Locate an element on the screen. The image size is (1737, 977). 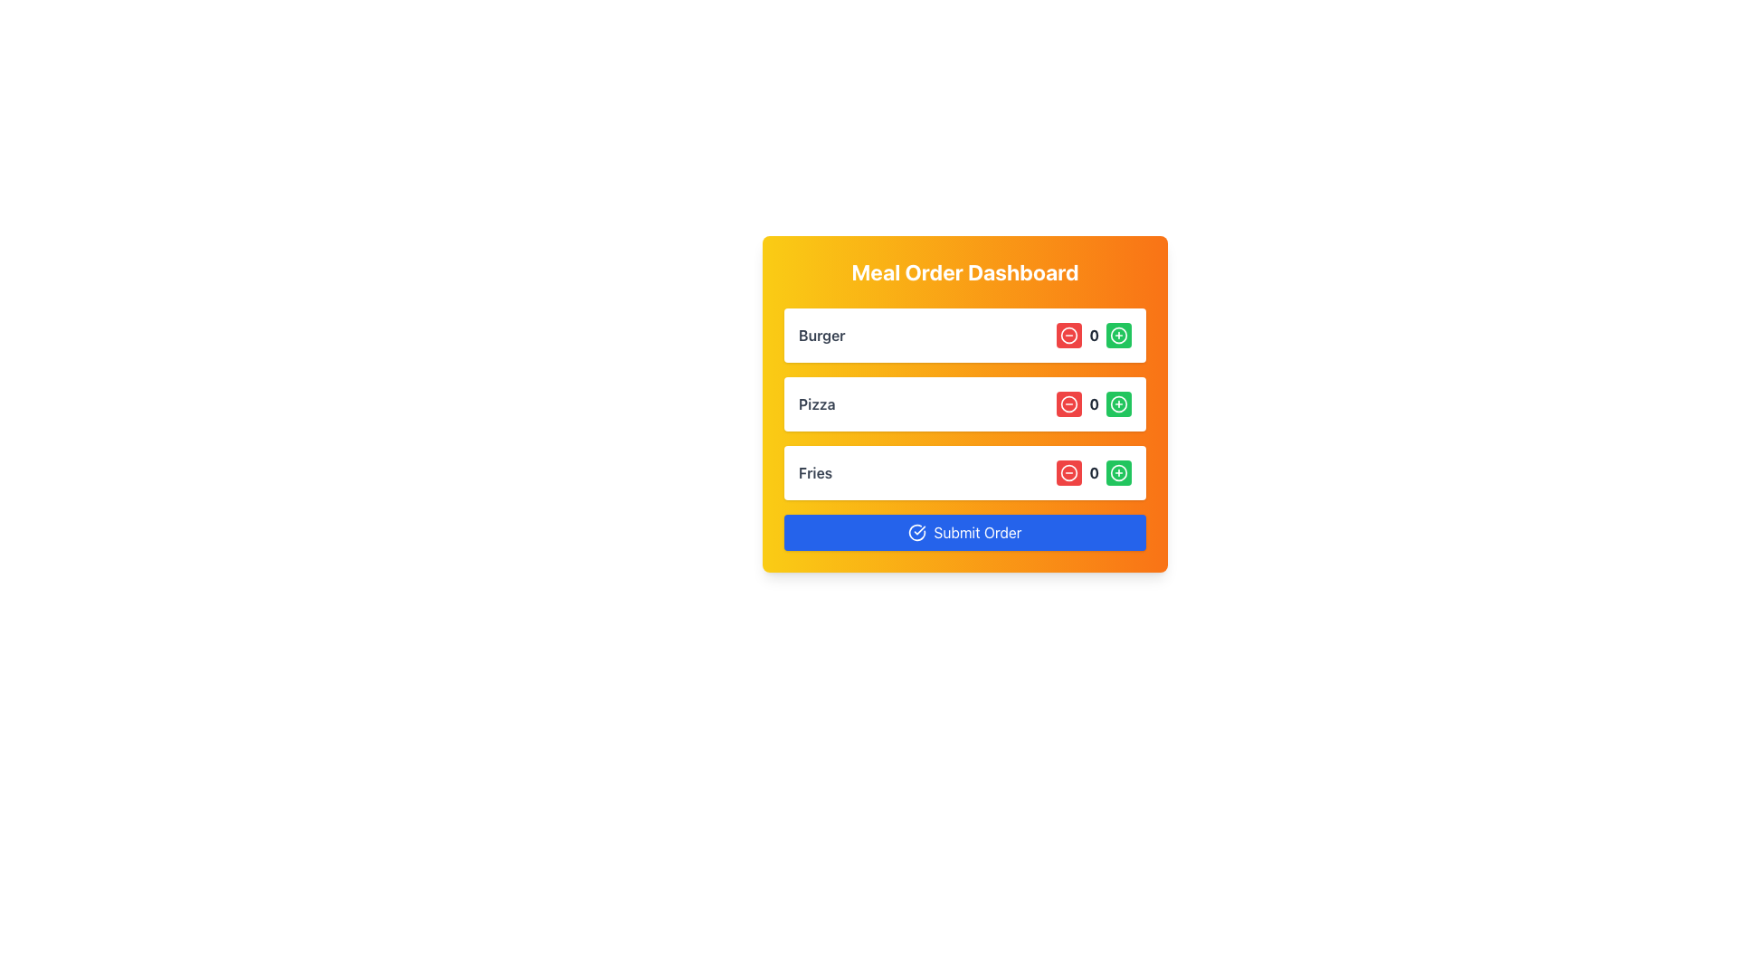
the circular plus button icon, which is green and part of the action set next to the 'Fries' label is located at coordinates (1118, 472).